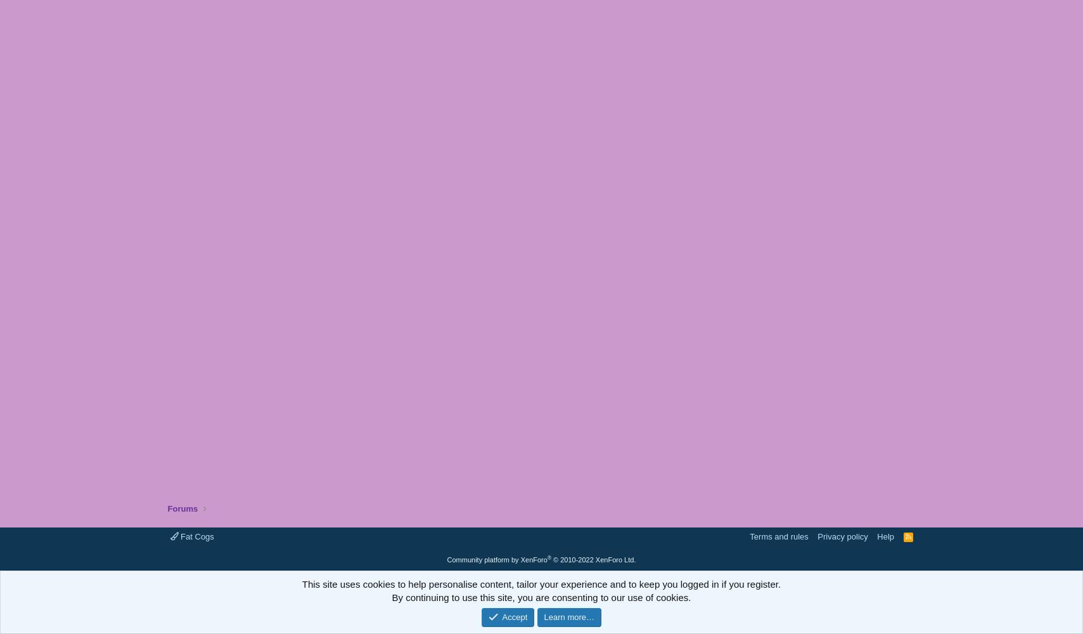 Image resolution: width=1083 pixels, height=634 pixels. What do you see at coordinates (390, 596) in the screenshot?
I see `'By continuing to use this site, you are consenting to our use of cookies.'` at bounding box center [390, 596].